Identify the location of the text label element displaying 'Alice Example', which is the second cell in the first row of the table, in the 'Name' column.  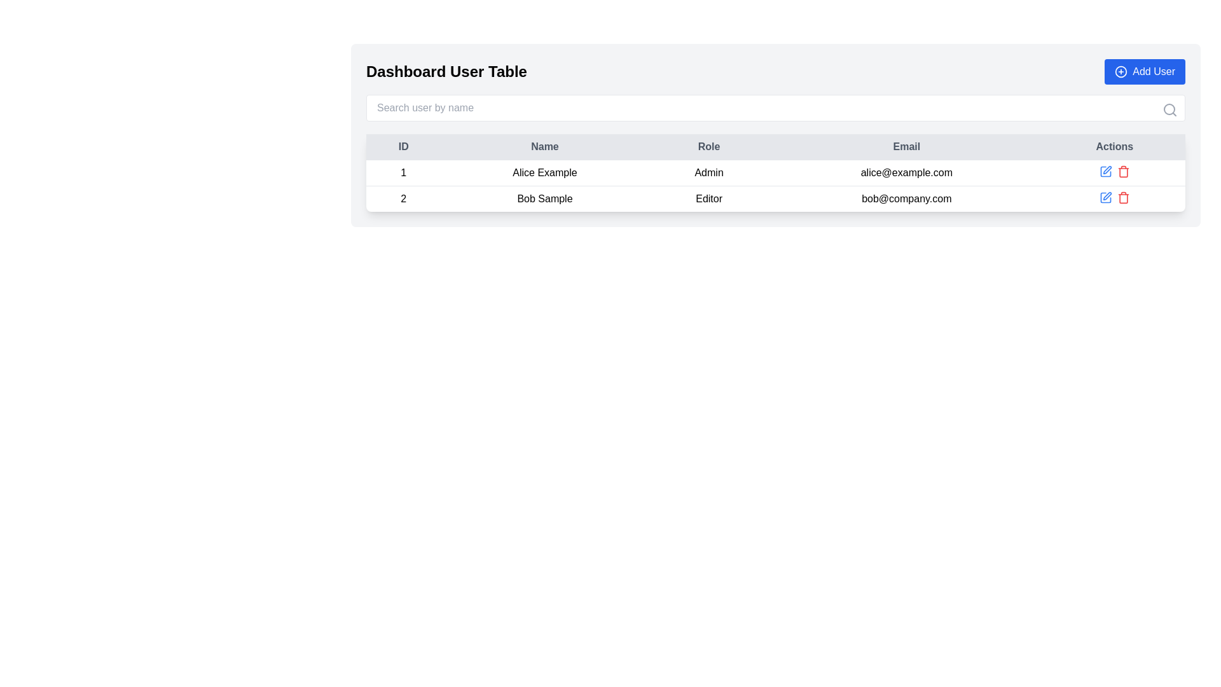
(544, 173).